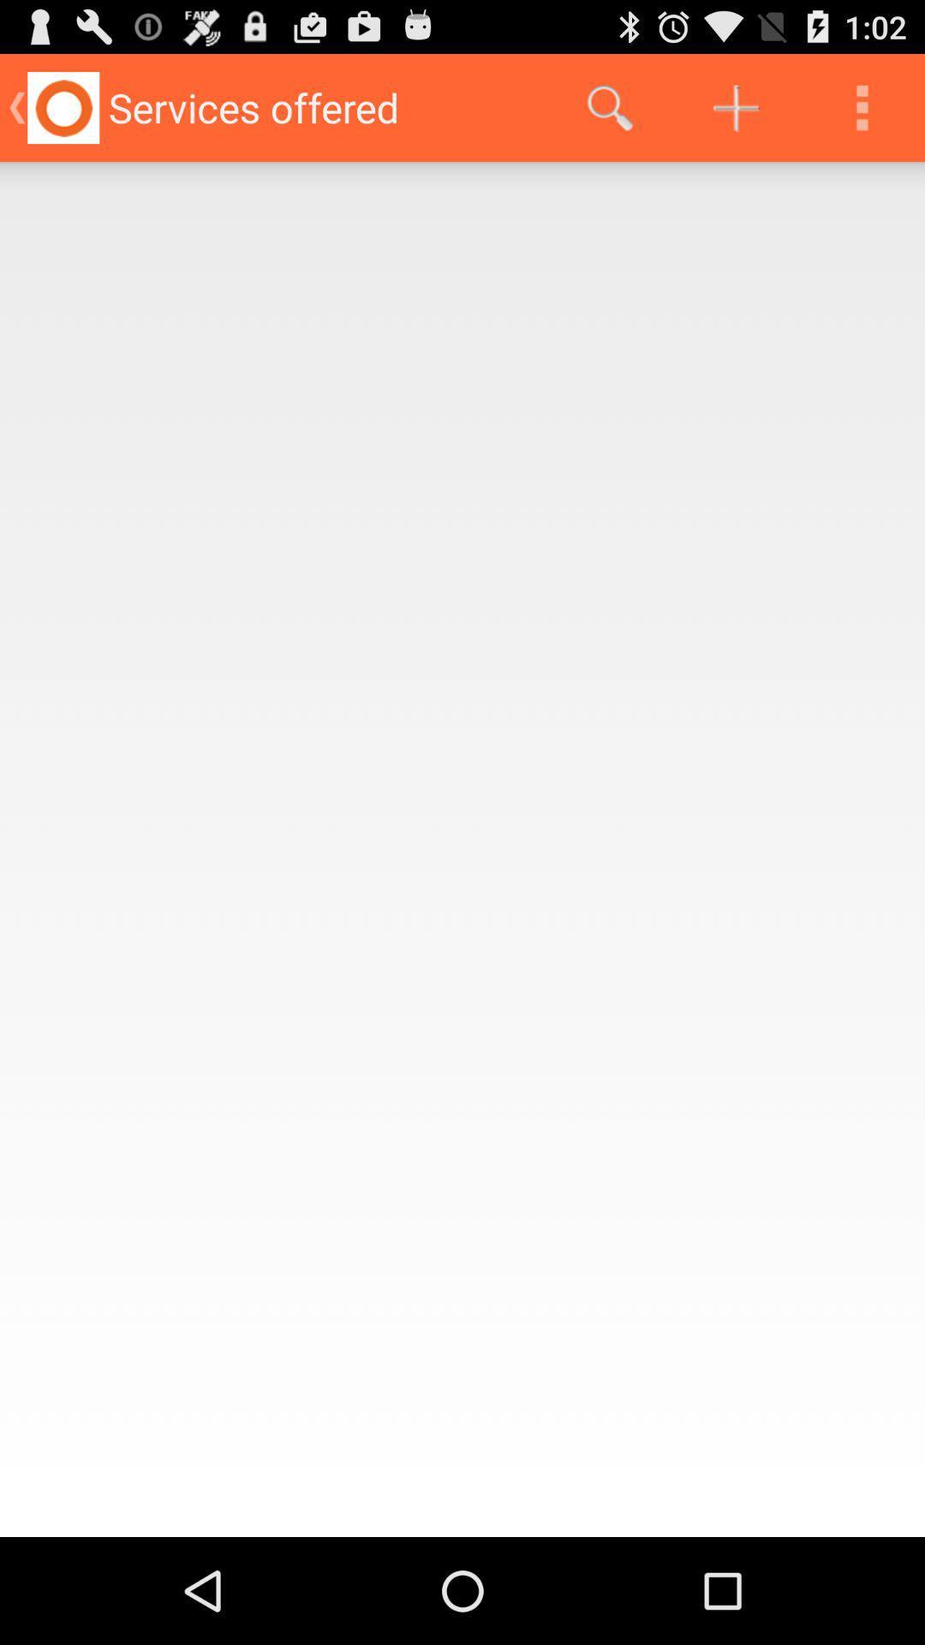 The width and height of the screenshot is (925, 1645). I want to click on the icon at the top, so click(609, 106).